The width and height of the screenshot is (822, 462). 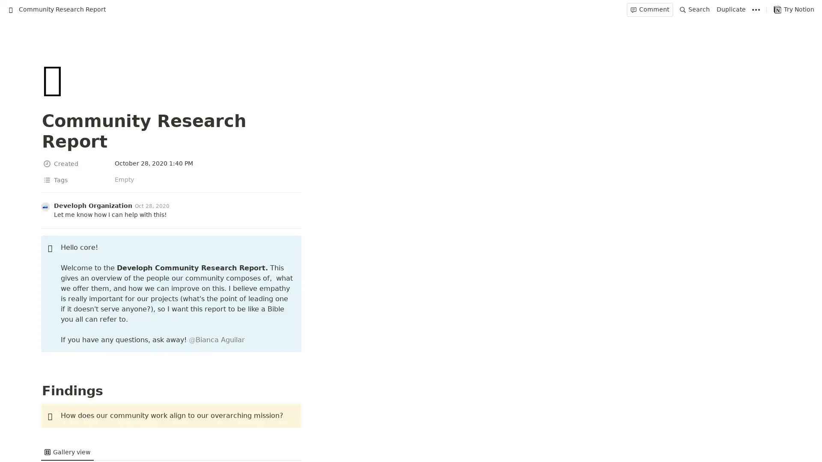 What do you see at coordinates (649, 9) in the screenshot?
I see `Comment` at bounding box center [649, 9].